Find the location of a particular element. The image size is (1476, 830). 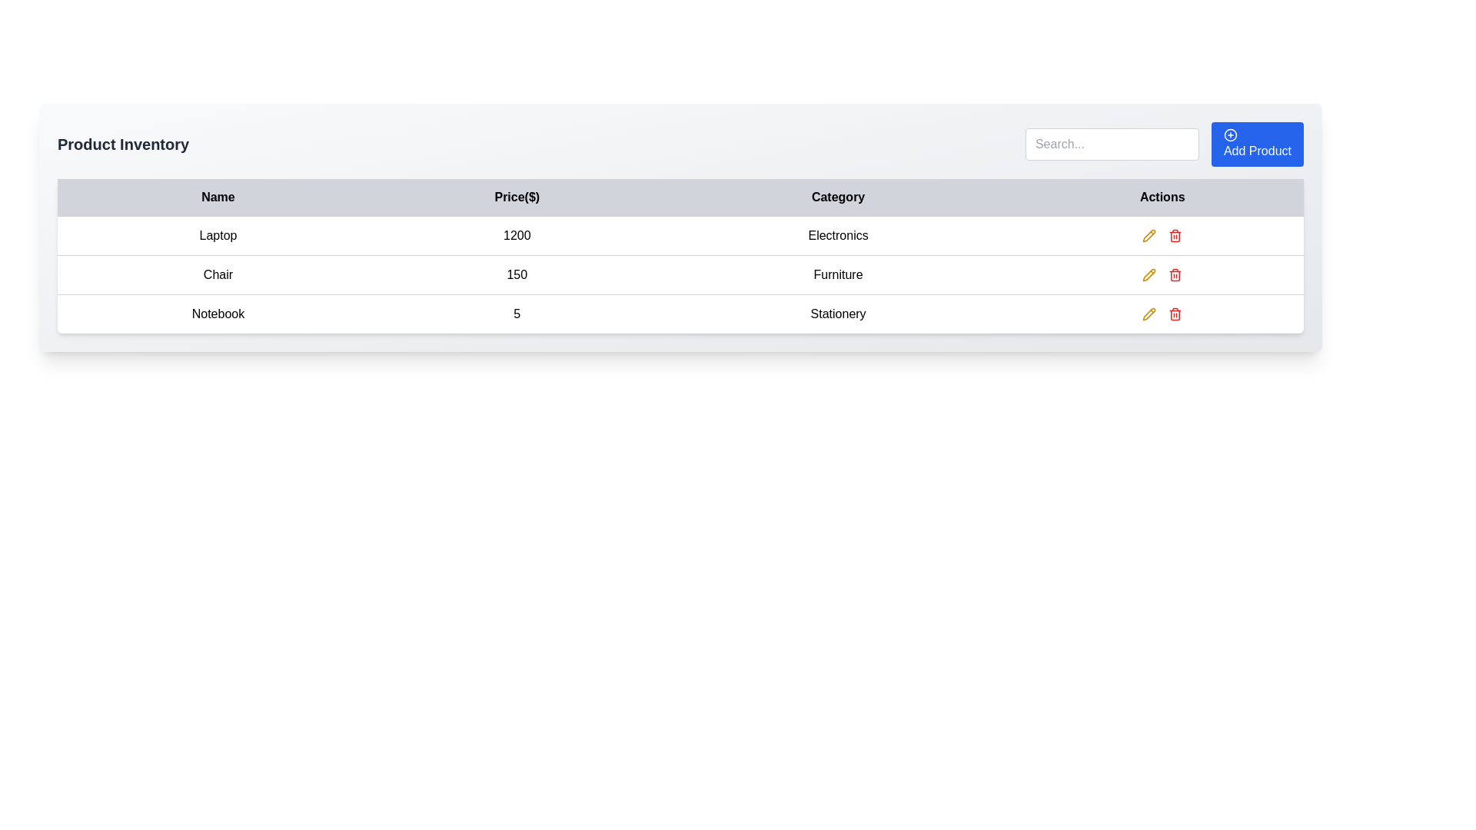

the 'Name' column header cell in the table, which is the first column header on the leftmost side of the header row is located at coordinates (217, 197).